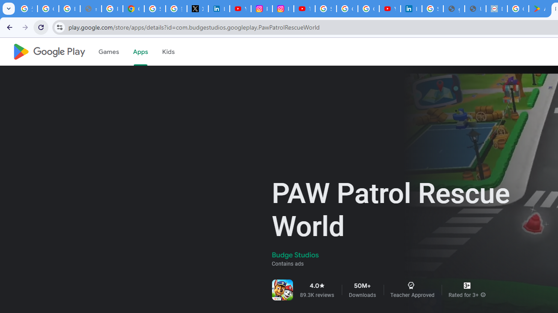 Image resolution: width=558 pixels, height=313 pixels. Describe the element at coordinates (140, 52) in the screenshot. I see `'Apps'` at that location.